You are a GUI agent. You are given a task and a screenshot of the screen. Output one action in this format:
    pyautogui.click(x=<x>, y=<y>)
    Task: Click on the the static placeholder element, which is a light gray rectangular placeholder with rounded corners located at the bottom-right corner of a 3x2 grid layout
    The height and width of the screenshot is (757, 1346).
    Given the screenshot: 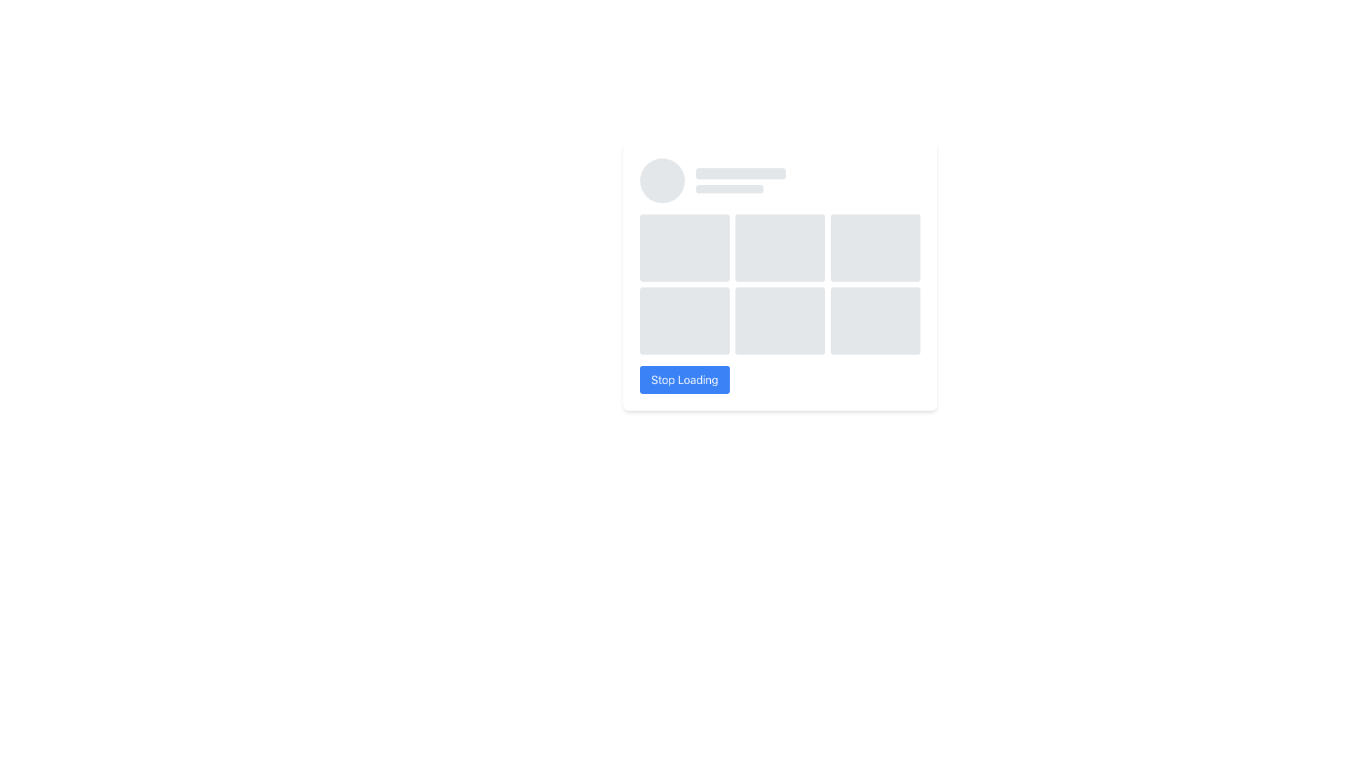 What is the action you would take?
    pyautogui.click(x=874, y=321)
    